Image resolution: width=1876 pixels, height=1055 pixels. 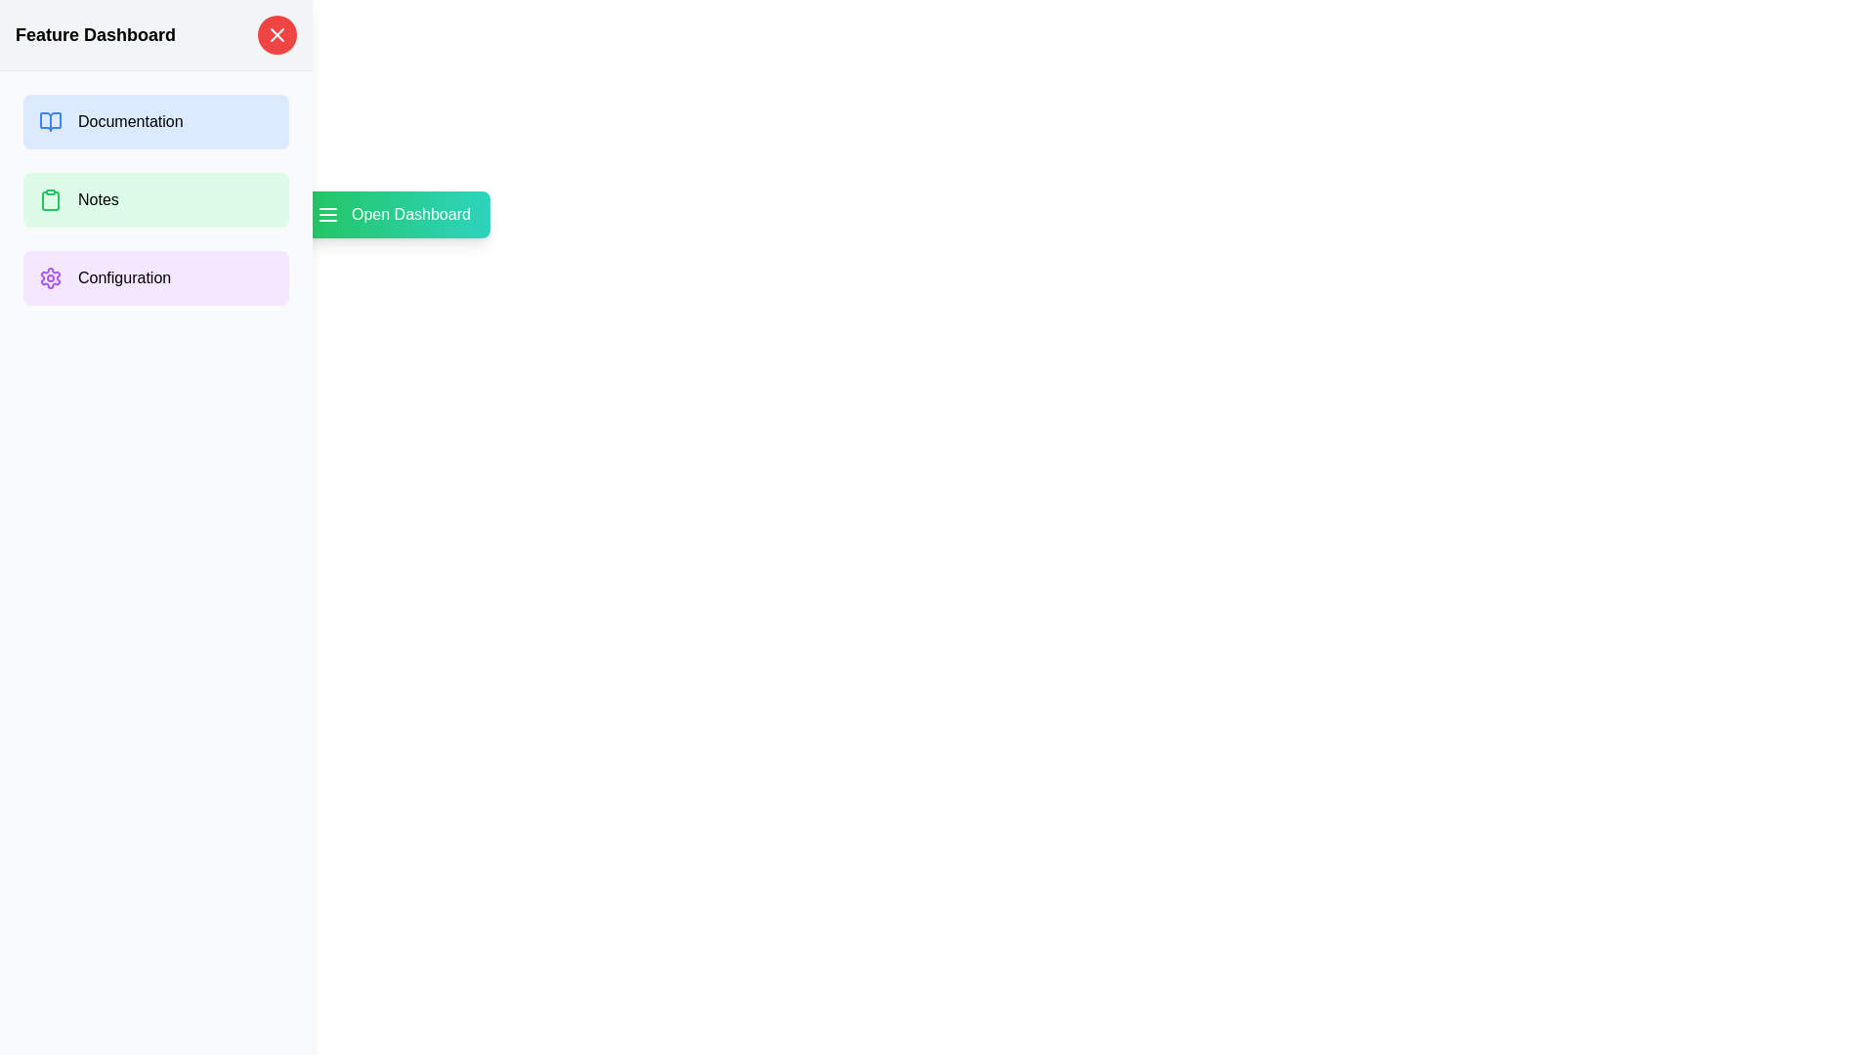 I want to click on the option Documentation by clicking the corresponding button, so click(x=154, y=121).